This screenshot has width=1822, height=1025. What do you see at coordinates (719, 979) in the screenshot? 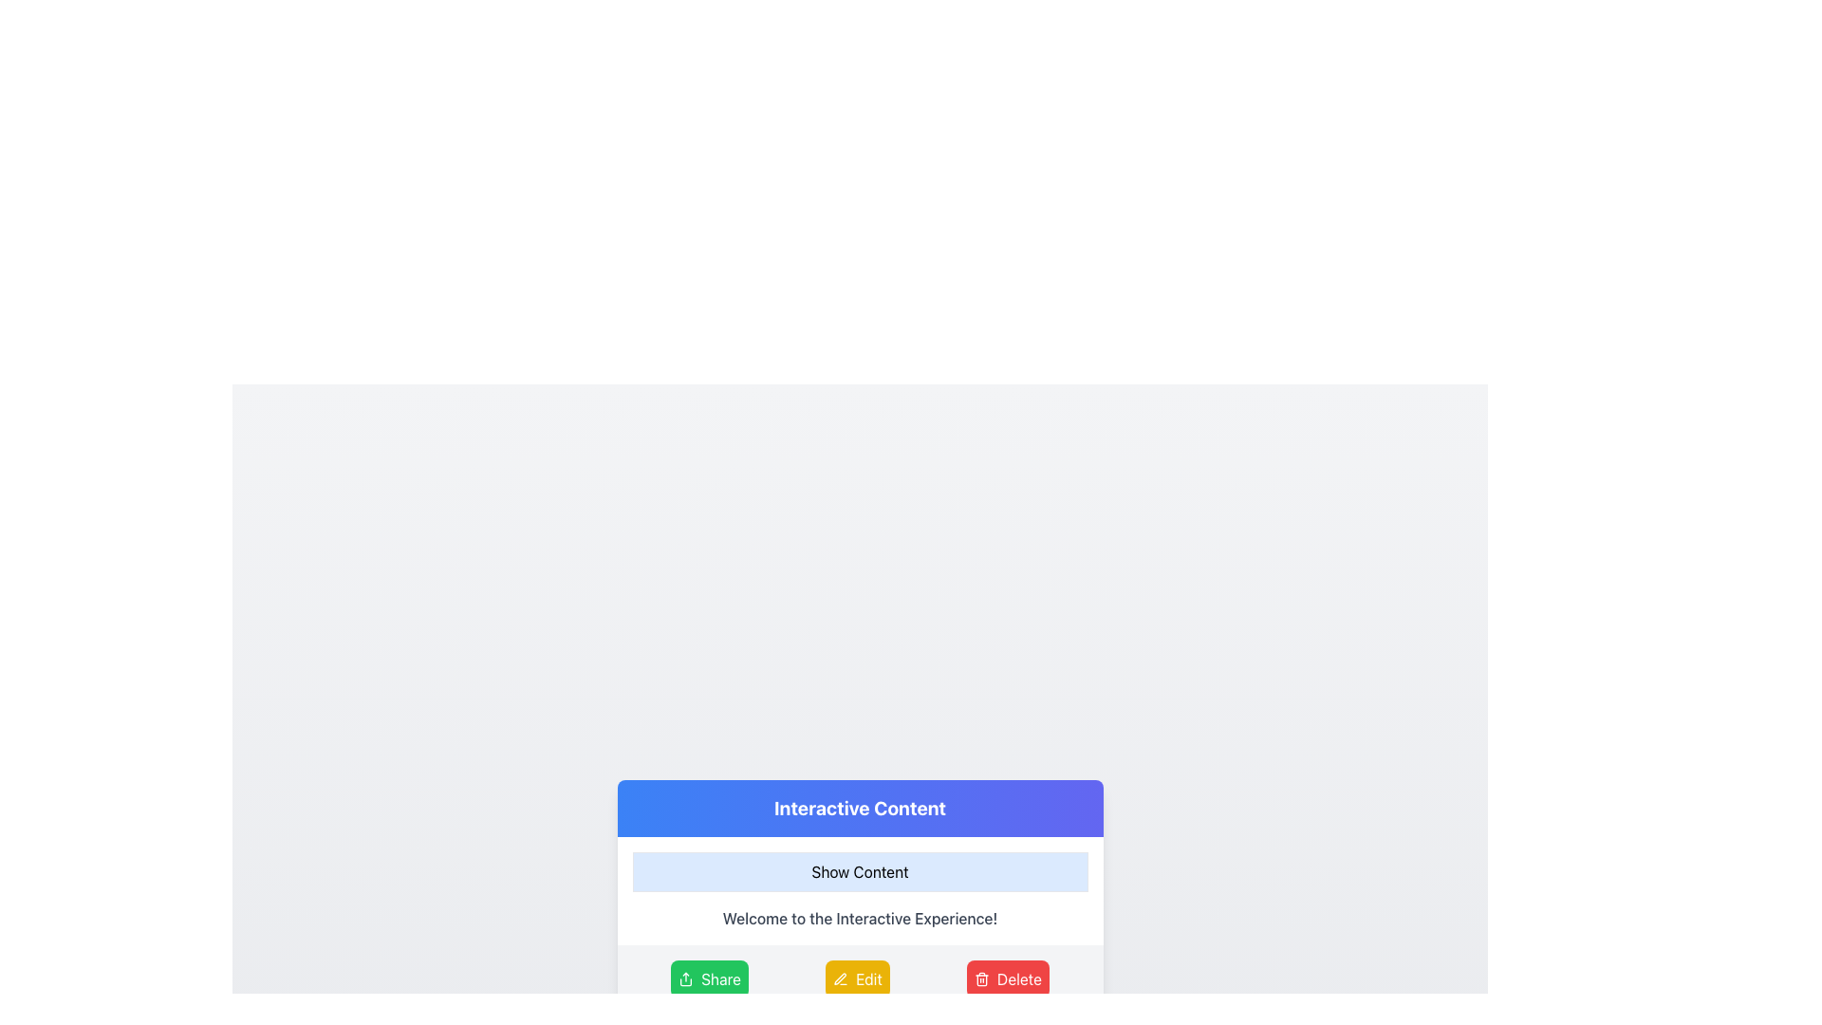
I see `the 'Share' button, which features white text on a green rectangular background` at bounding box center [719, 979].